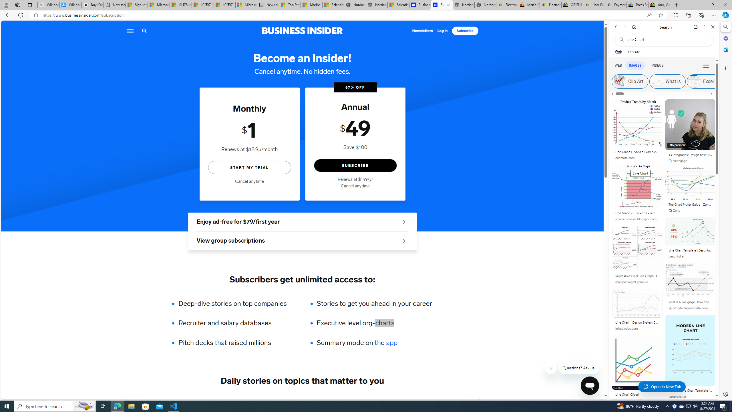 Image resolution: width=732 pixels, height=412 pixels. What do you see at coordinates (690, 205) in the screenshot?
I see `'The Chart Picker Guide - Zoho Blog'` at bounding box center [690, 205].